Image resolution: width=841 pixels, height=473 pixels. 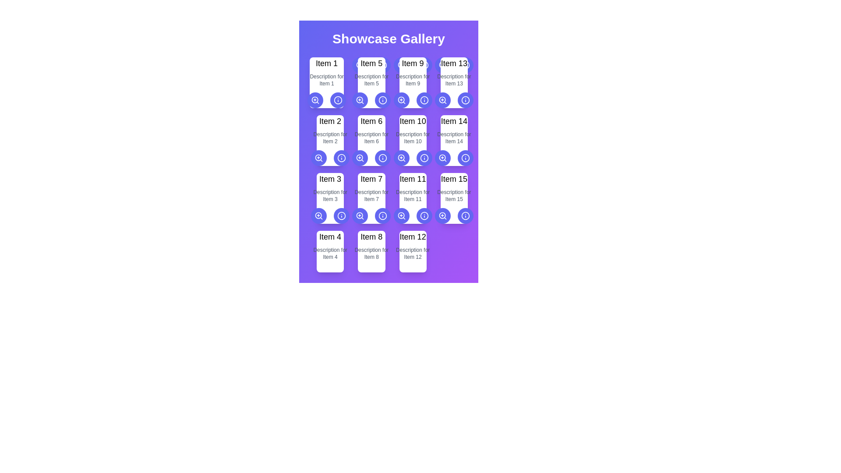 What do you see at coordinates (401, 99) in the screenshot?
I see `the SVG icon representing a magnifying glass with a plus symbol, which is embedded within a circular button with a violet background located below the 'Item 9' card in the 'Showcase Gallery' grid layout` at bounding box center [401, 99].